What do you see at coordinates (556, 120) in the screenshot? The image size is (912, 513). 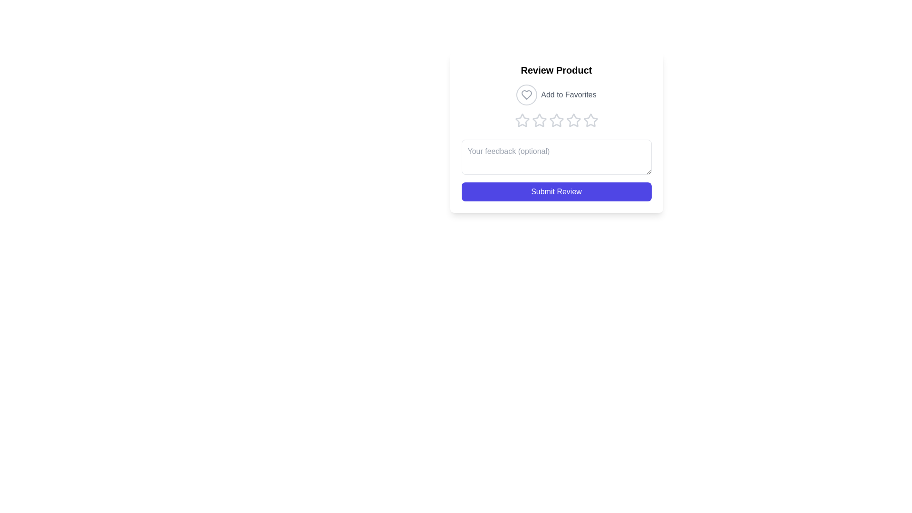 I see `the third star icon in the star rating component` at bounding box center [556, 120].